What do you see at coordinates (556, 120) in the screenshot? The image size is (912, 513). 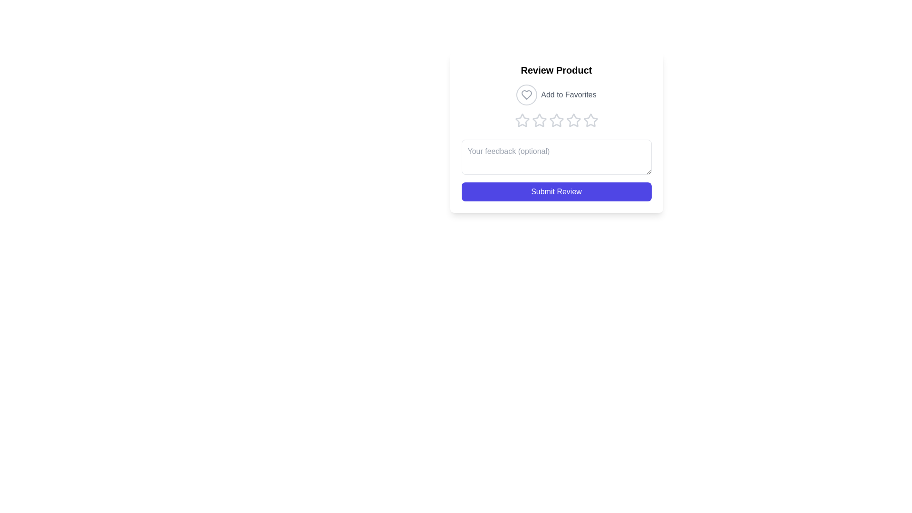 I see `the third star icon in the star rating component` at bounding box center [556, 120].